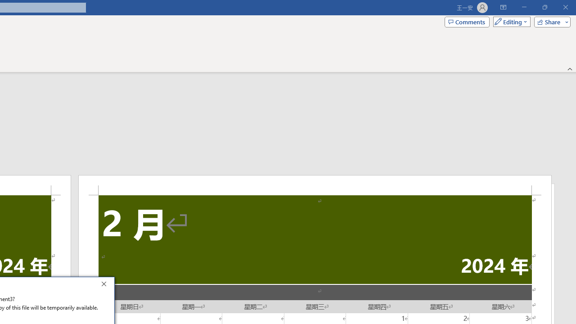 Image resolution: width=576 pixels, height=324 pixels. What do you see at coordinates (570, 68) in the screenshot?
I see `'Collapse the Ribbon'` at bounding box center [570, 68].